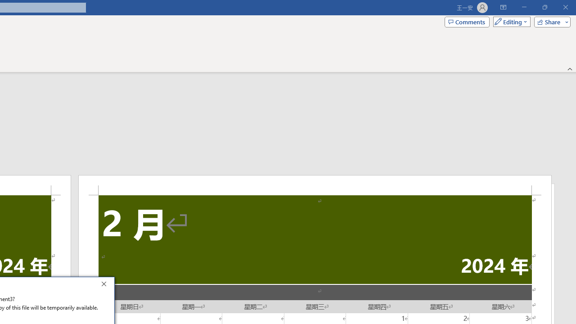 Image resolution: width=576 pixels, height=324 pixels. What do you see at coordinates (570, 68) in the screenshot?
I see `'Collapse the Ribbon'` at bounding box center [570, 68].